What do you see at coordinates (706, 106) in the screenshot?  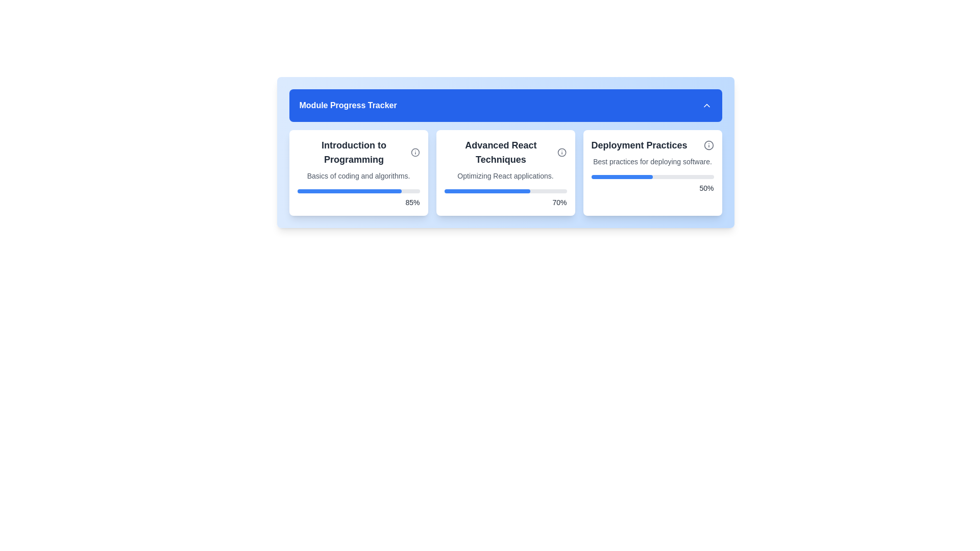 I see `the upward-pointing chevron icon located in the rightmost portion of the header bar labeled 'Module Progress Tracker'` at bounding box center [706, 106].